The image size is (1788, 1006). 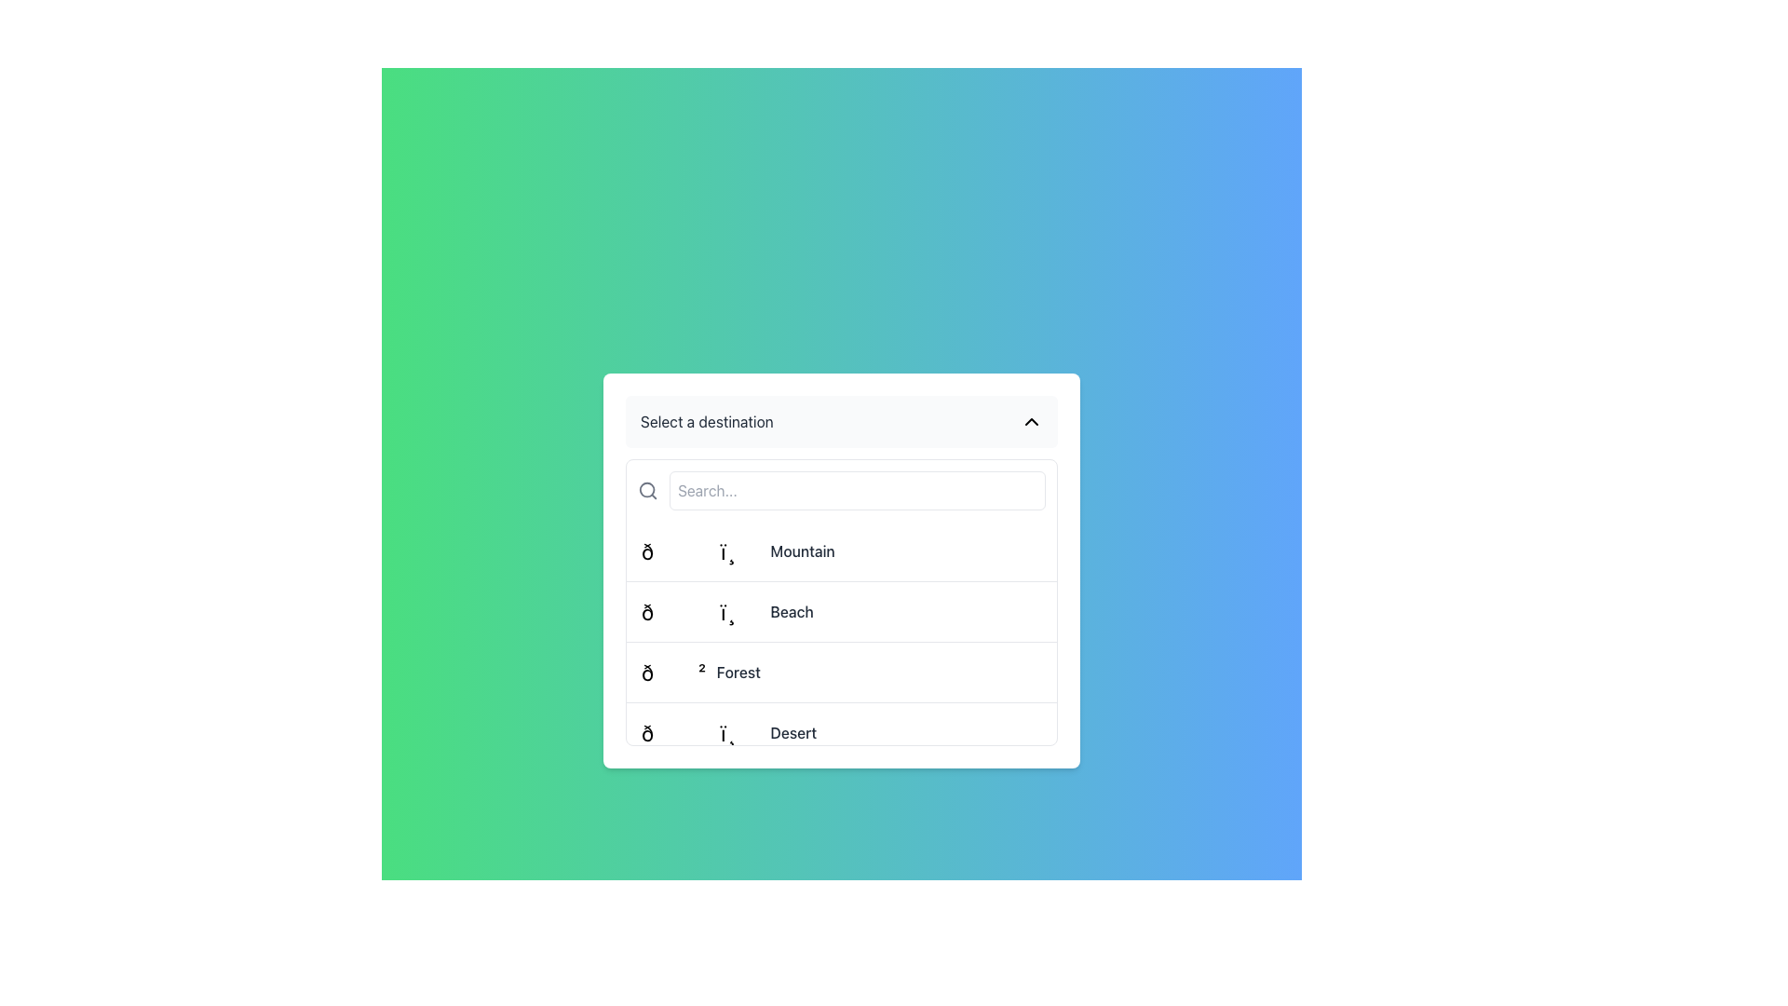 I want to click on the 'Desert' text label in the dropdown menu titled 'Select a destination', so click(x=792, y=731).